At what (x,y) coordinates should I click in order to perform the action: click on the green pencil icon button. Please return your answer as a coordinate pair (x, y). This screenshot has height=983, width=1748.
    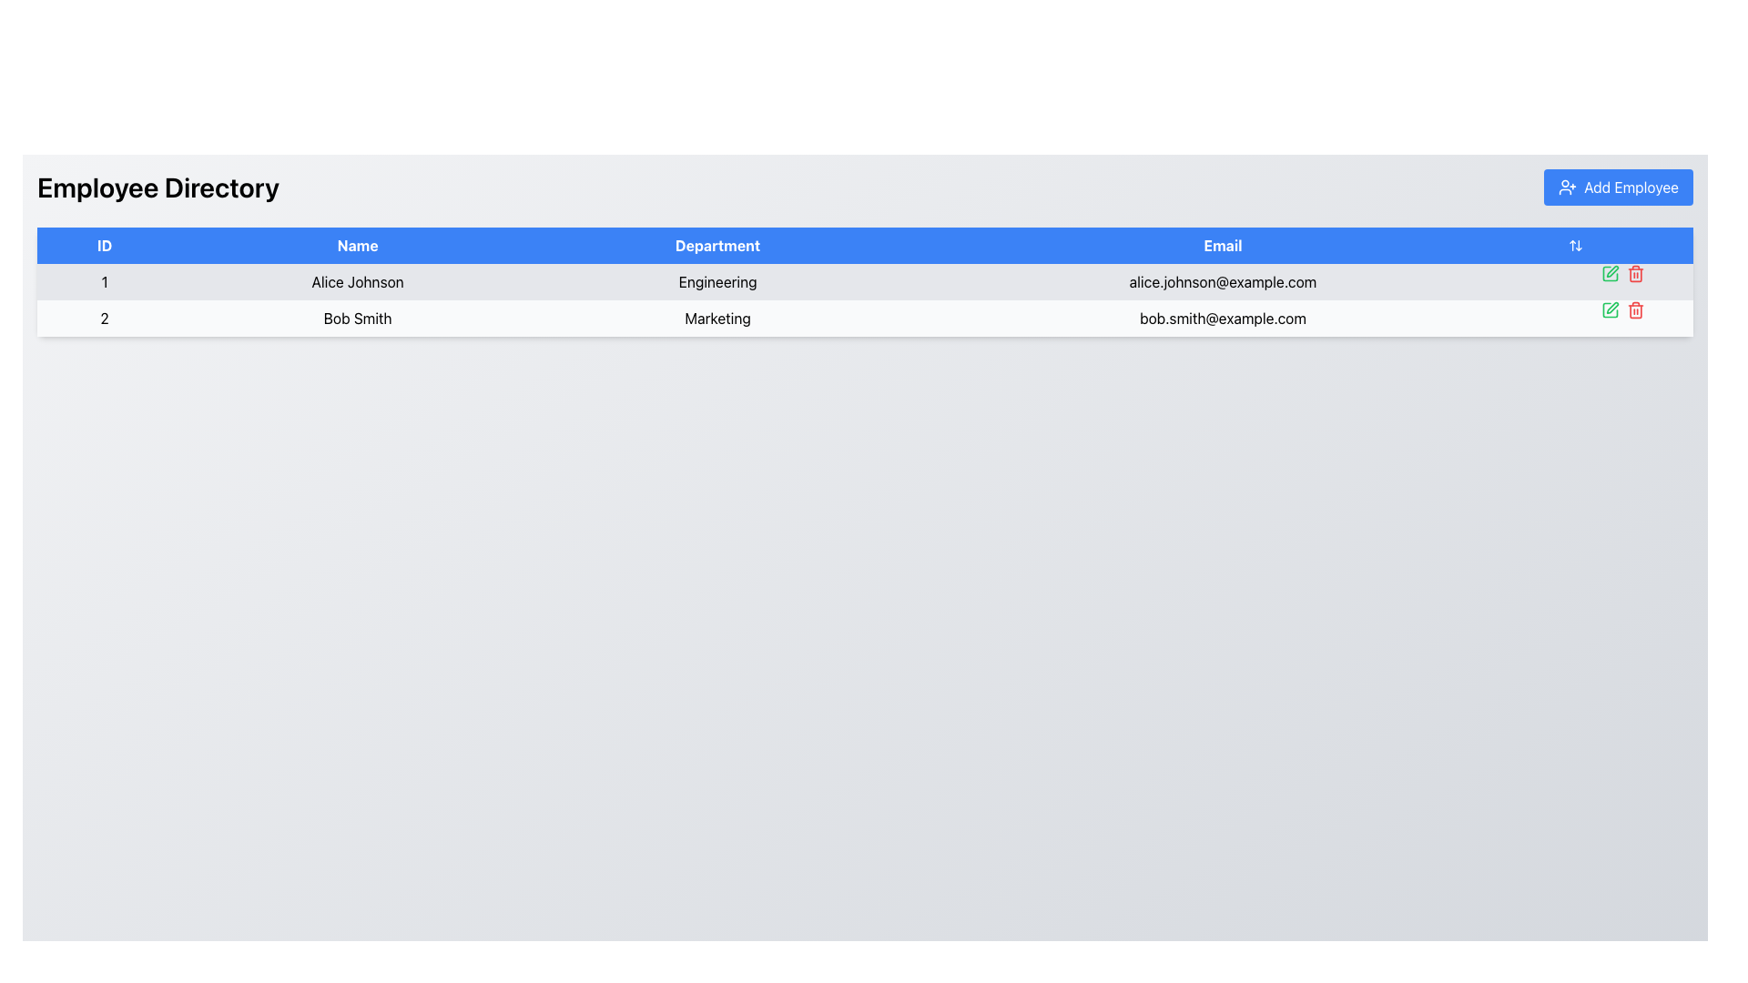
    Looking at the image, I should click on (1611, 273).